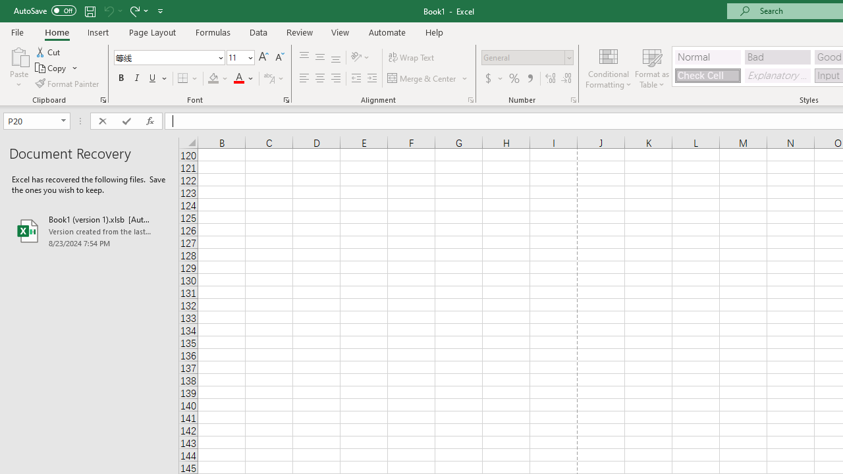 This screenshot has width=843, height=474. Describe the element at coordinates (652, 68) in the screenshot. I see `'Format as Table'` at that location.